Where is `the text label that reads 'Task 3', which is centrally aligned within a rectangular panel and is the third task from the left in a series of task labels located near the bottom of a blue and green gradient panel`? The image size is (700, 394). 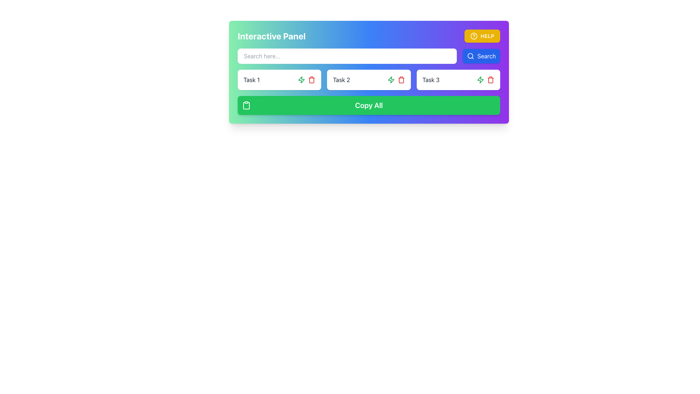 the text label that reads 'Task 3', which is centrally aligned within a rectangular panel and is the third task from the left in a series of task labels located near the bottom of a blue and green gradient panel is located at coordinates (431, 80).